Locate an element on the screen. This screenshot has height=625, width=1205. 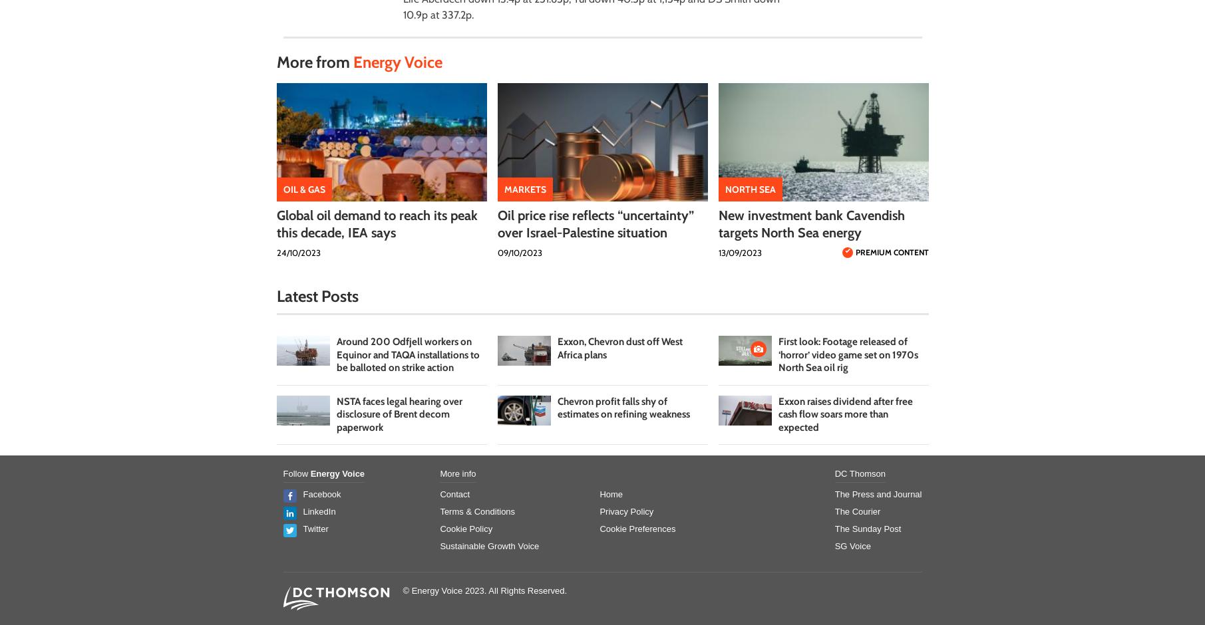
'Premium Content' is located at coordinates (890, 251).